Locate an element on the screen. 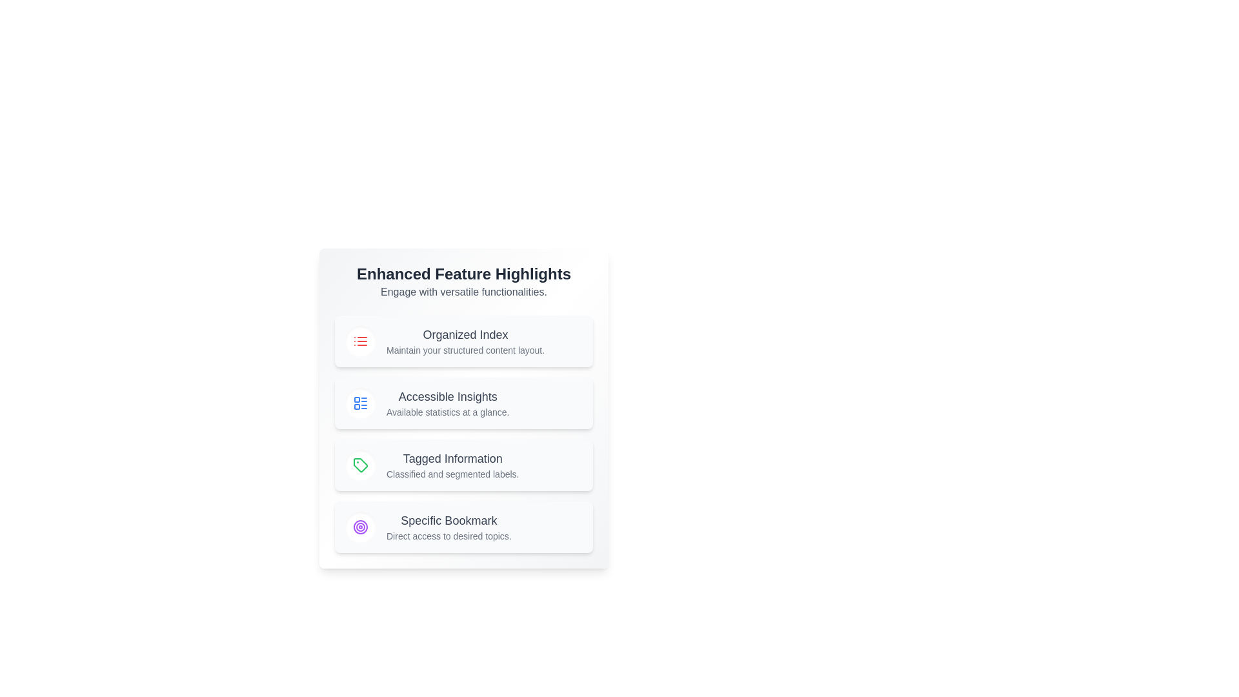  the feature item titled 'Accessible Insights' is located at coordinates (464, 402).